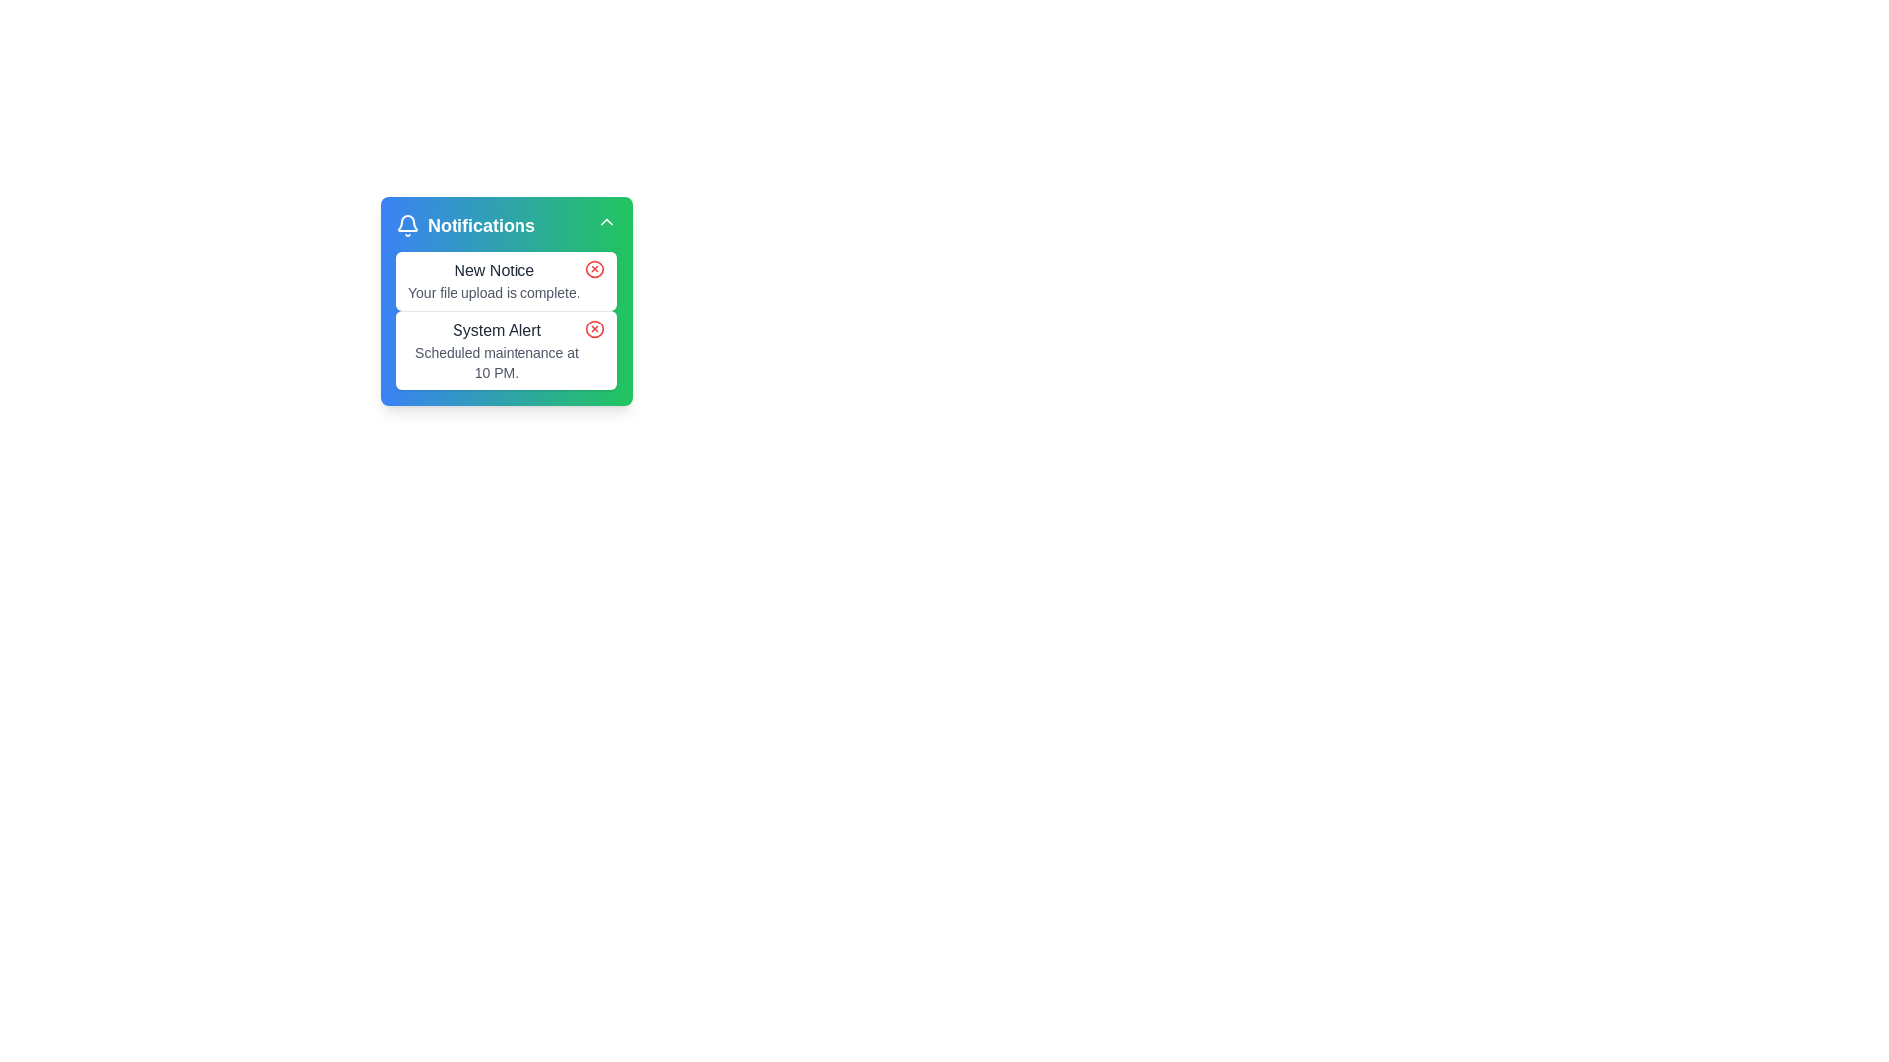 This screenshot has width=1889, height=1062. I want to click on the notification icon located at the far left of the notification panel, which is represented by a bell icon, so click(406, 225).